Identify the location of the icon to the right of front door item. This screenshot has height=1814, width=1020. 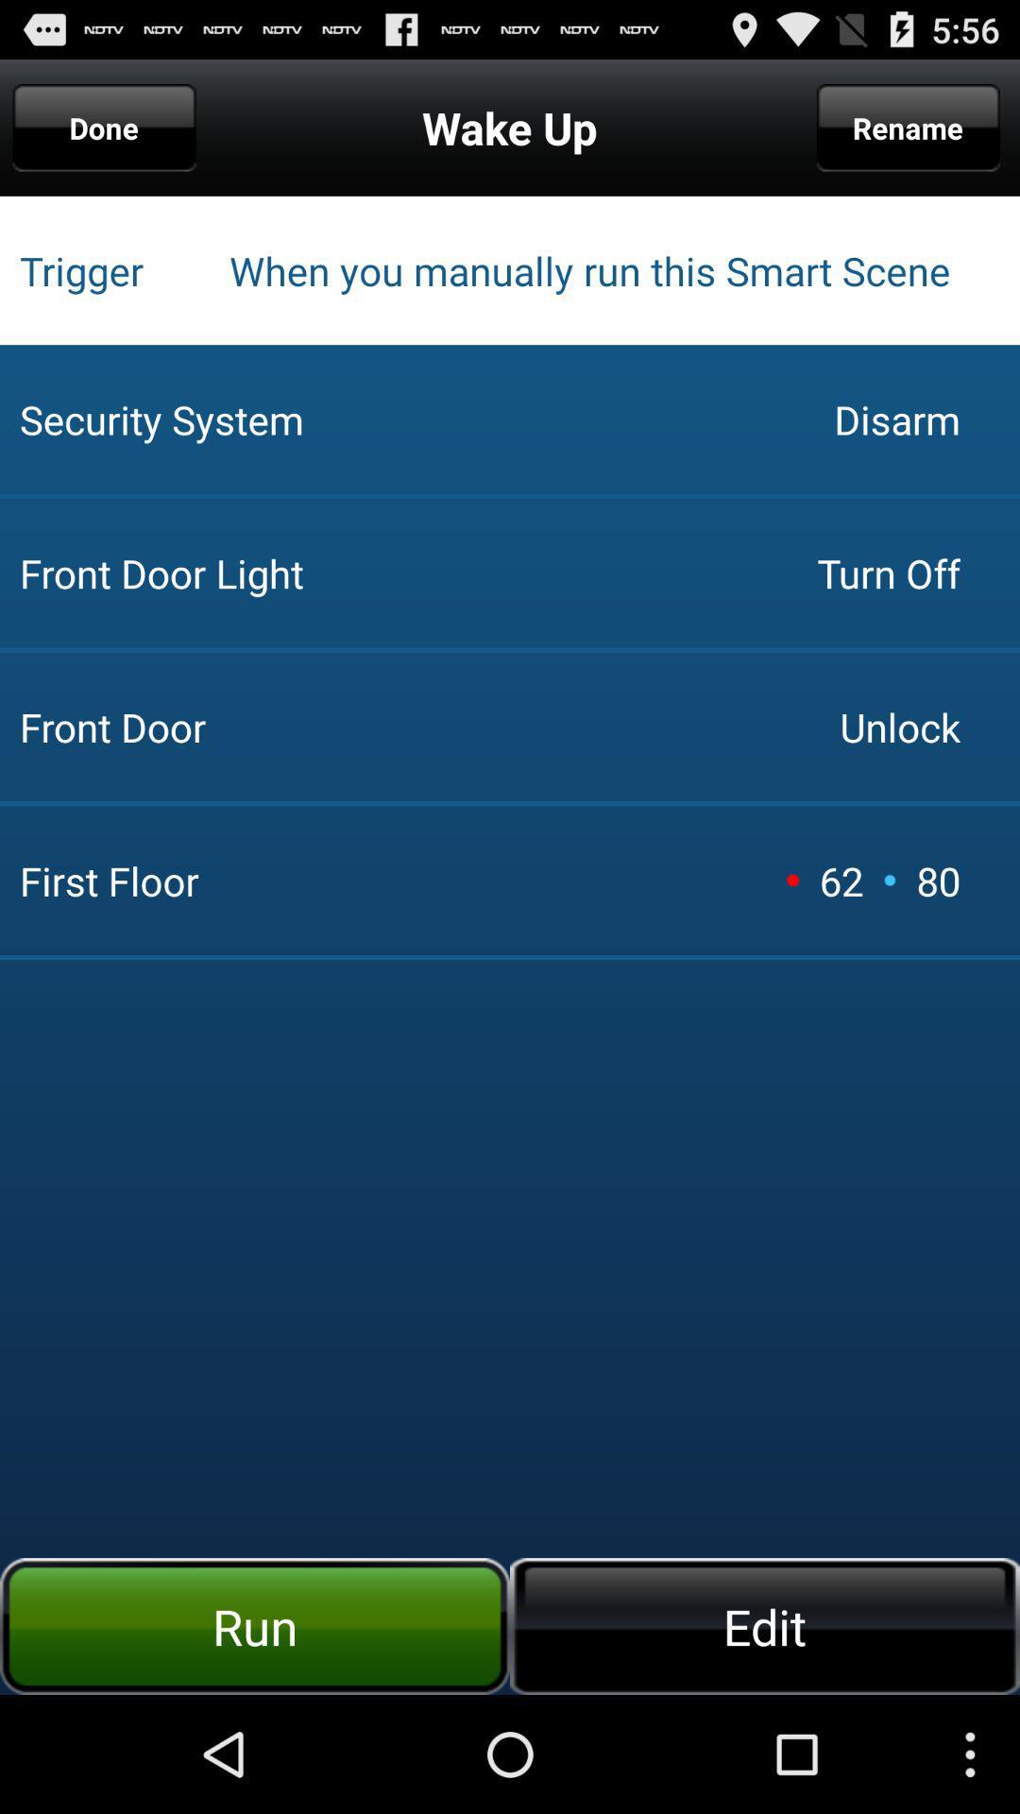
(841, 880).